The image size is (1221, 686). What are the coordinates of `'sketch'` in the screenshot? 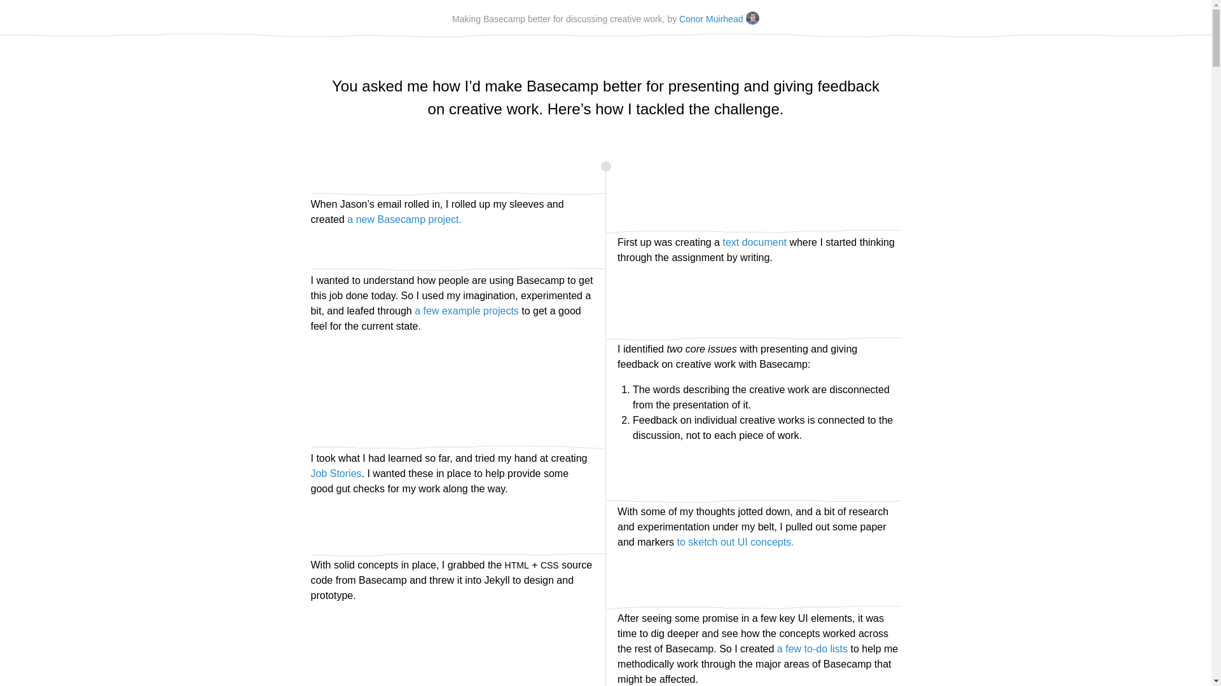 It's located at (687, 542).